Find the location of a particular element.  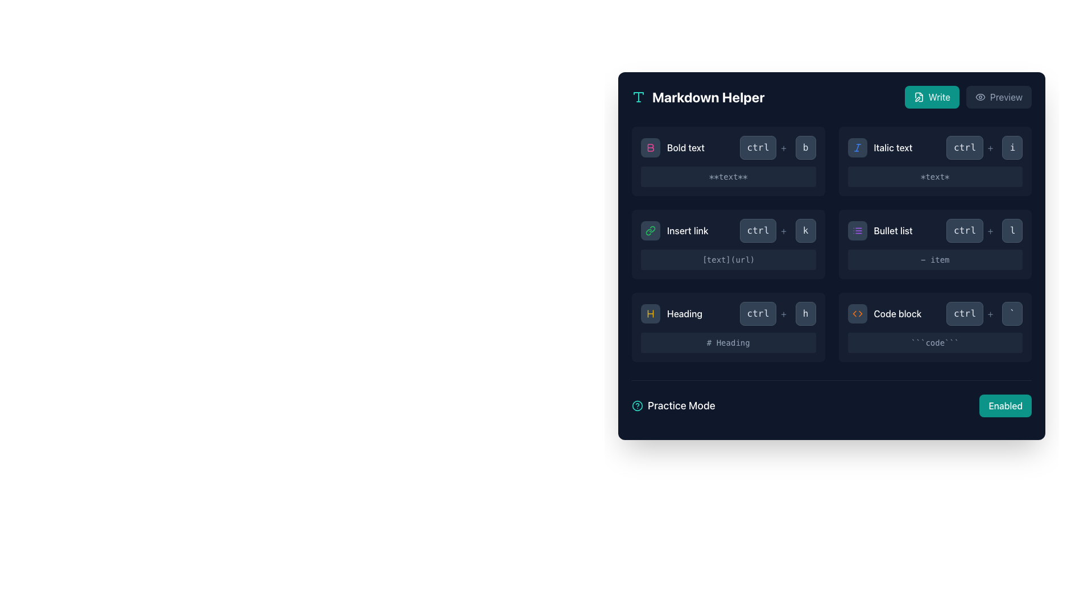

the link symbol icon, which is a small icon styled as interlocking chains outlined in green, located in the center column and middle row of the 'Markdown Helper' interface is located at coordinates (650, 230).